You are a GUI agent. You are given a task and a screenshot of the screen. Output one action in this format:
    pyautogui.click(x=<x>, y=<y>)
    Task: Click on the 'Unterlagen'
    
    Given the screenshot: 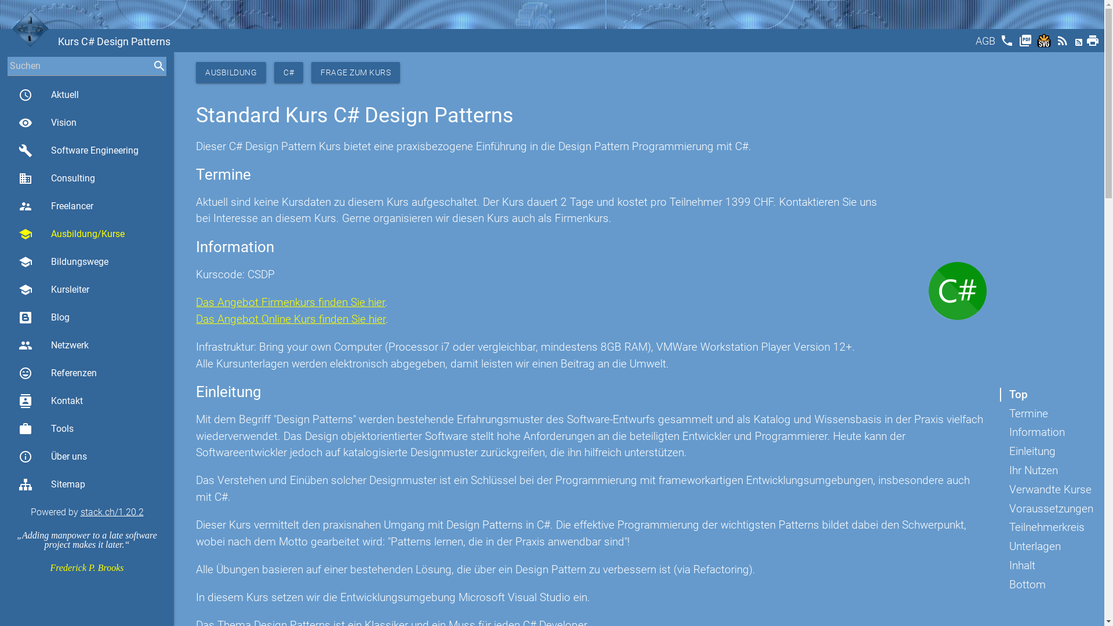 What is the action you would take?
    pyautogui.click(x=1030, y=546)
    